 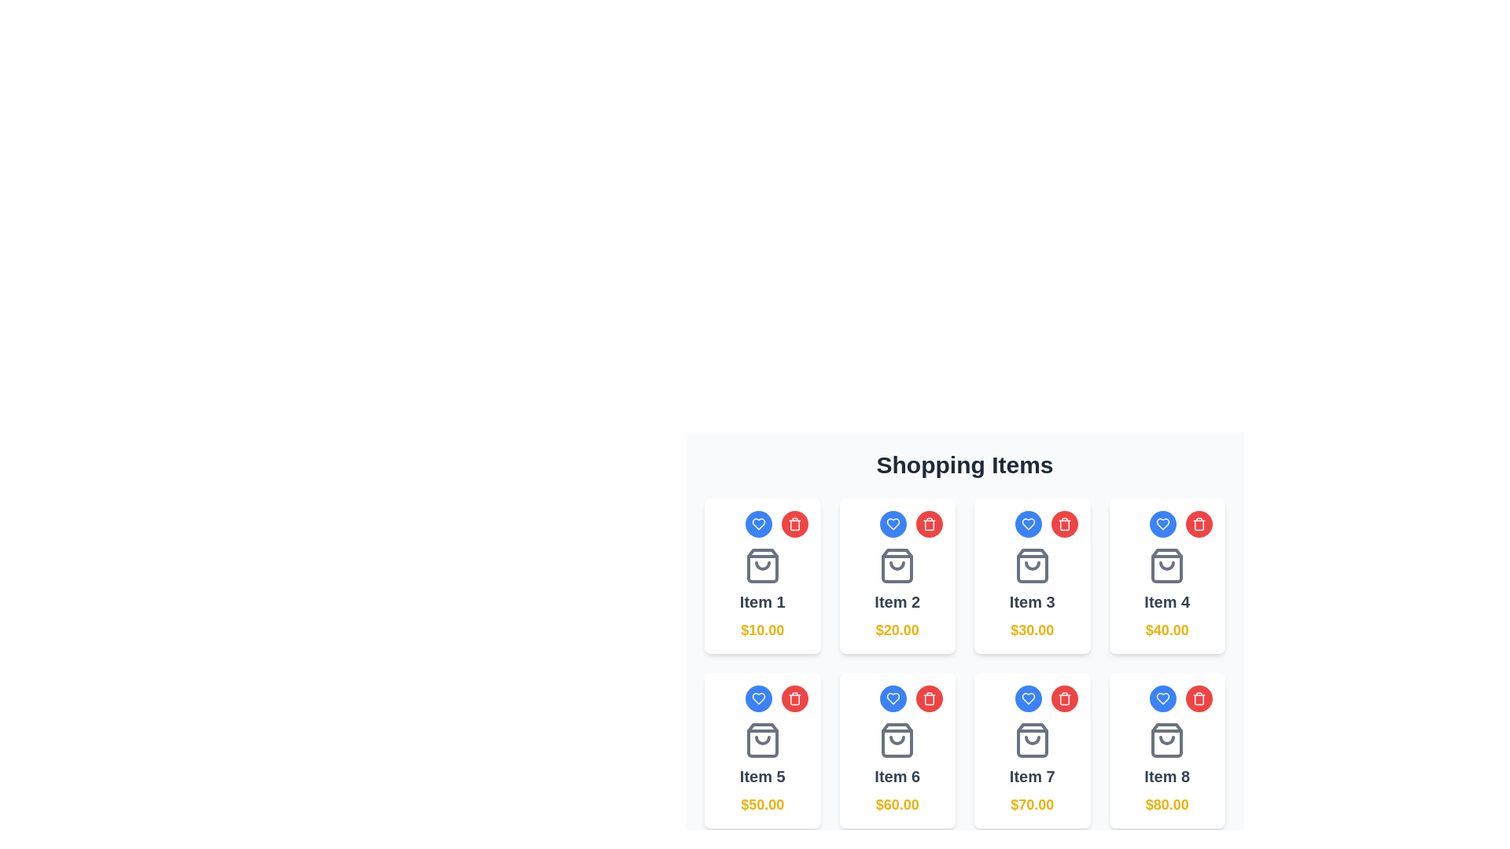 I want to click on the trash can icon located at the top-right corner of the second item in the shopping items grid, specifically on the central vertical rectangle shape of the trash can for accessibility purposes, so click(x=929, y=525).